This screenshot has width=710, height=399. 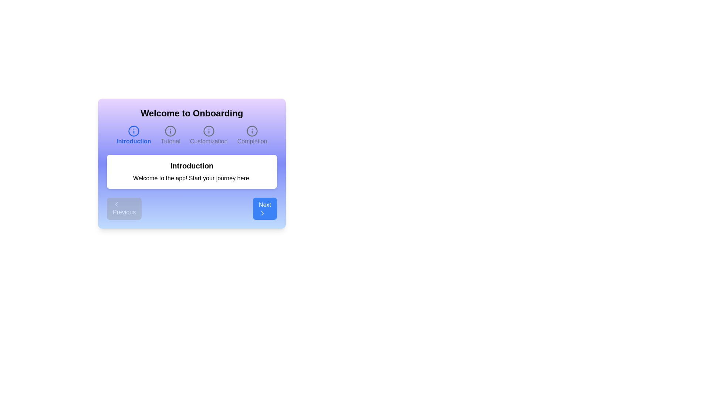 I want to click on the centered text heading 'Welcome to Onboarding', so click(x=192, y=113).